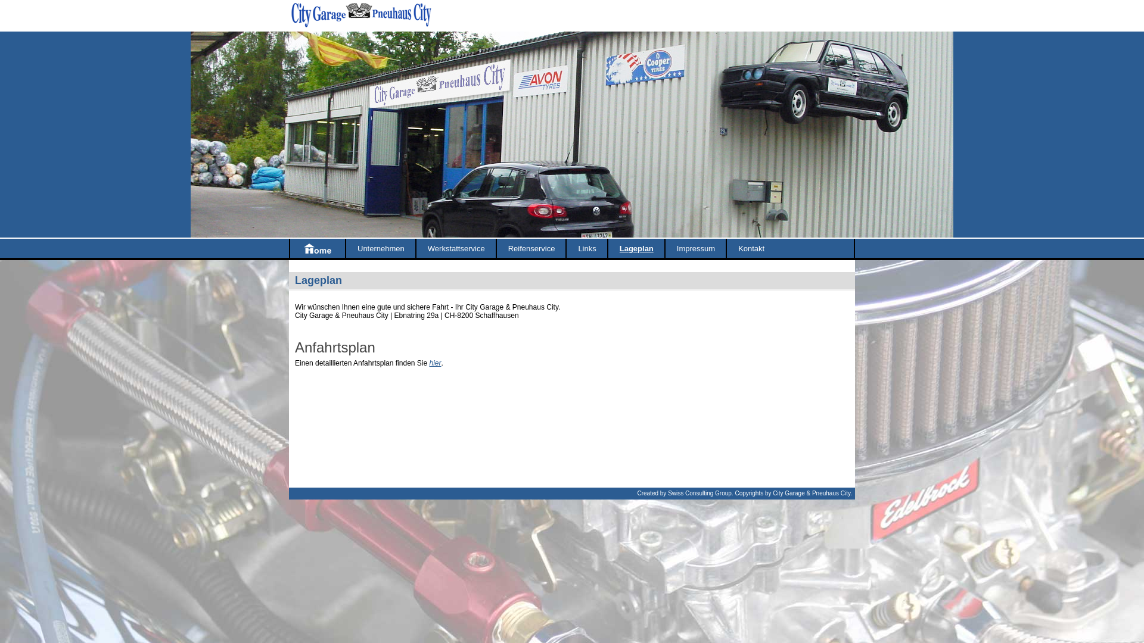 This screenshot has height=643, width=1144. What do you see at coordinates (577, 248) in the screenshot?
I see `'Links'` at bounding box center [577, 248].